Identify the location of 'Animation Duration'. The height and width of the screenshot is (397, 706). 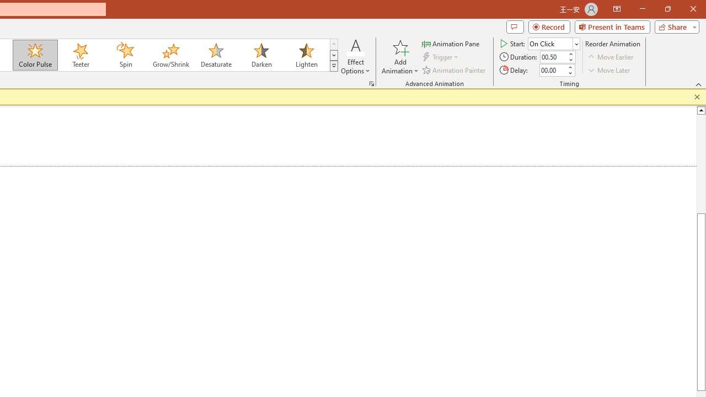
(553, 57).